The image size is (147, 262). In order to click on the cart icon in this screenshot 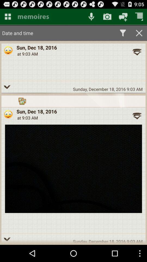, I will do `click(139, 17)`.